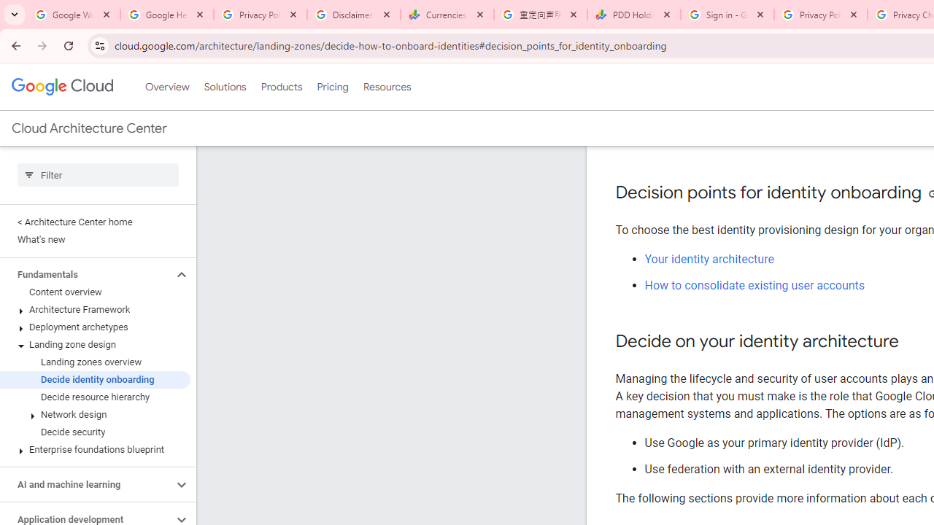 This screenshot has width=934, height=525. What do you see at coordinates (727, 15) in the screenshot?
I see `'Sign in - Google Accounts'` at bounding box center [727, 15].